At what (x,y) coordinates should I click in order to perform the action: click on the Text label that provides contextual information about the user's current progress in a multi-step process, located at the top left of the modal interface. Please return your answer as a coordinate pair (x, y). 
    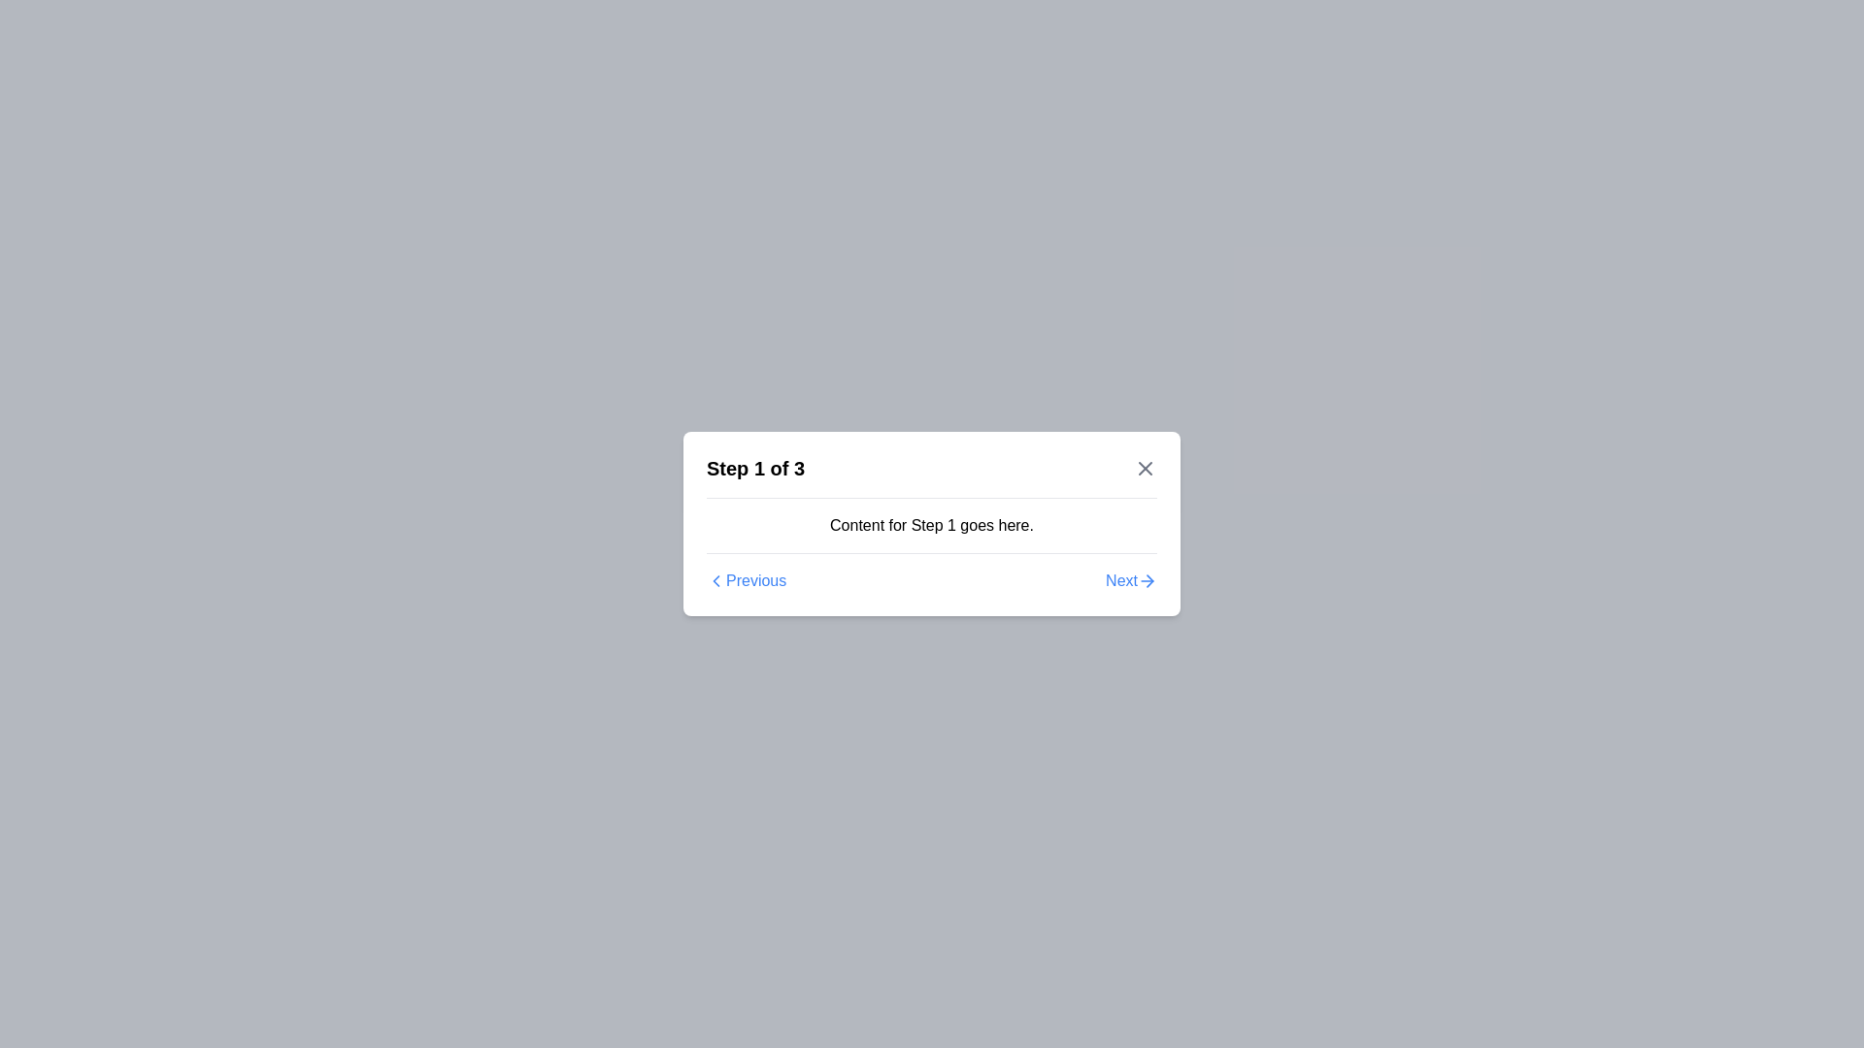
    Looking at the image, I should click on (754, 468).